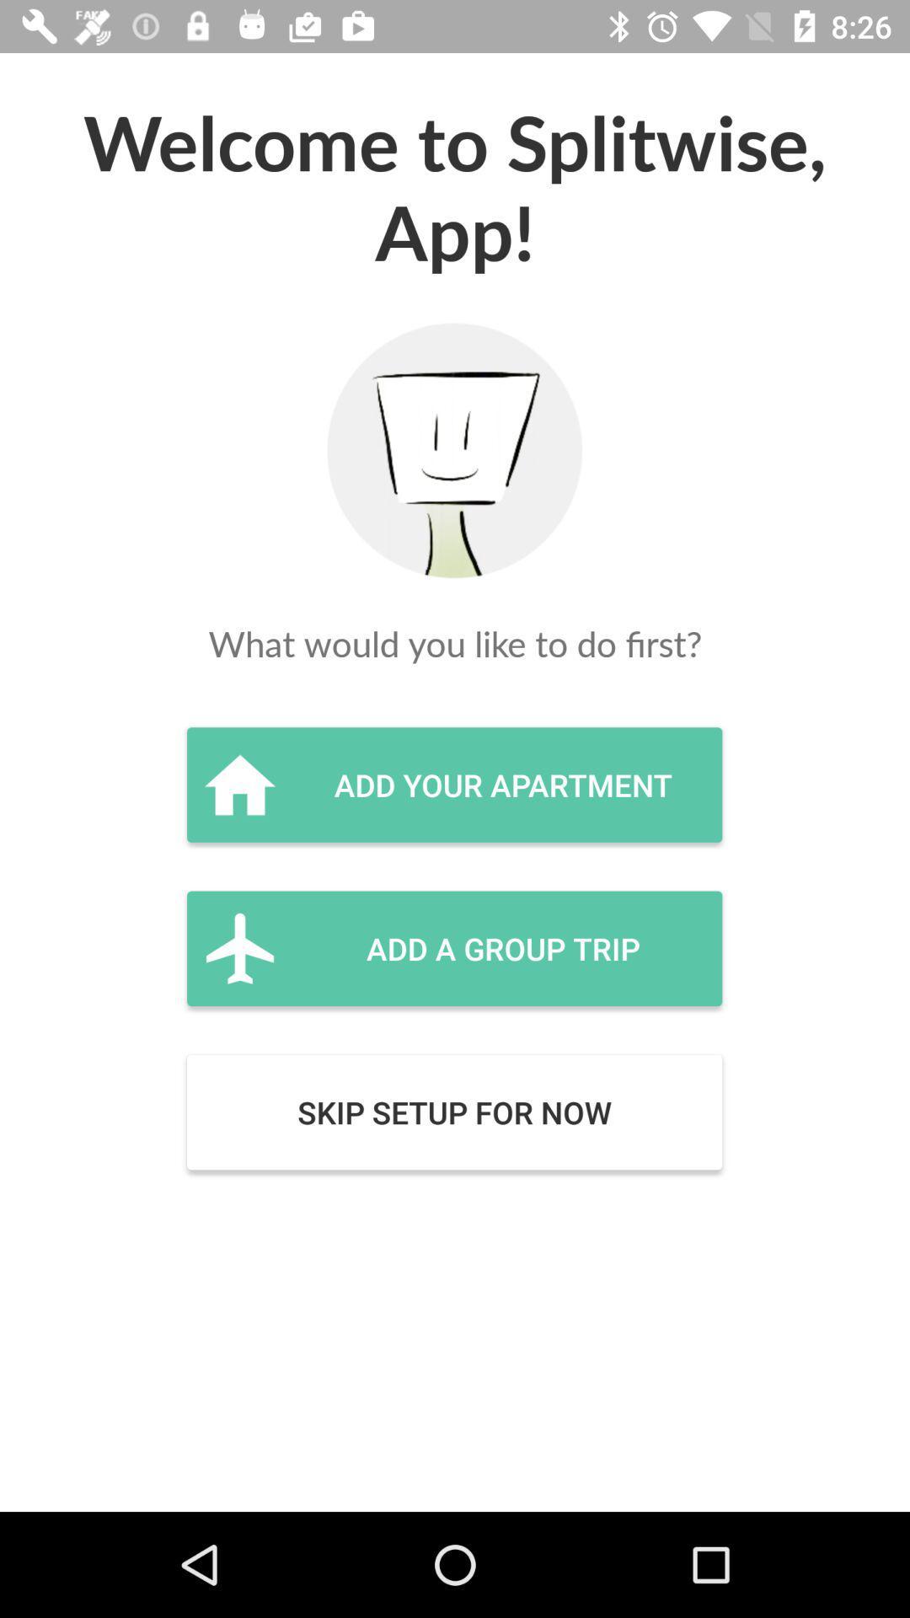 This screenshot has height=1618, width=910. I want to click on skip setup for item, so click(453, 1112).